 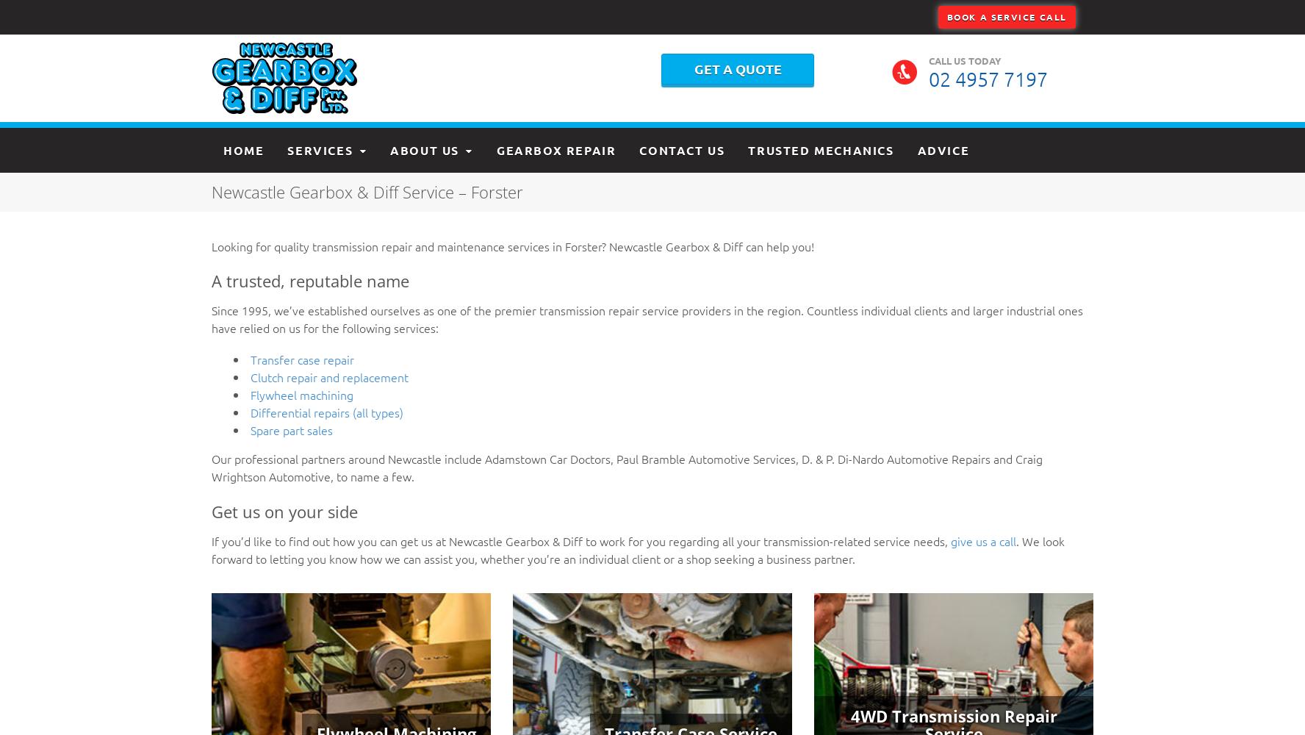 What do you see at coordinates (982, 539) in the screenshot?
I see `'give us a call'` at bounding box center [982, 539].